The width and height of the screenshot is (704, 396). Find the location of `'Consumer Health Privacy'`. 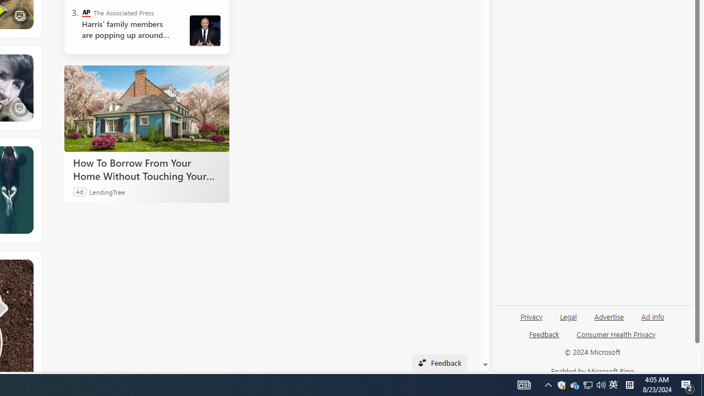

'Consumer Health Privacy' is located at coordinates (616, 338).